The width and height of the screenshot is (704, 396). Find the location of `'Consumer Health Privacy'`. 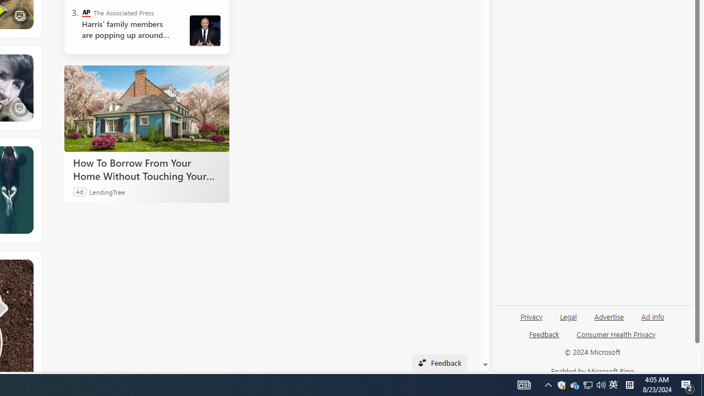

'Consumer Health Privacy' is located at coordinates (616, 338).